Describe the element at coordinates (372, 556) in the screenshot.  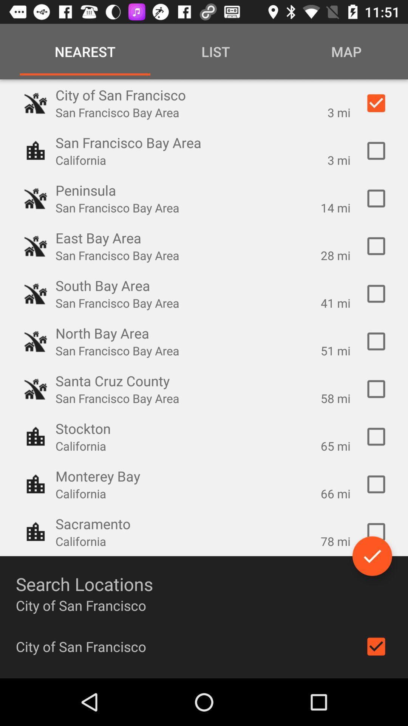
I see `the approve option below` at that location.